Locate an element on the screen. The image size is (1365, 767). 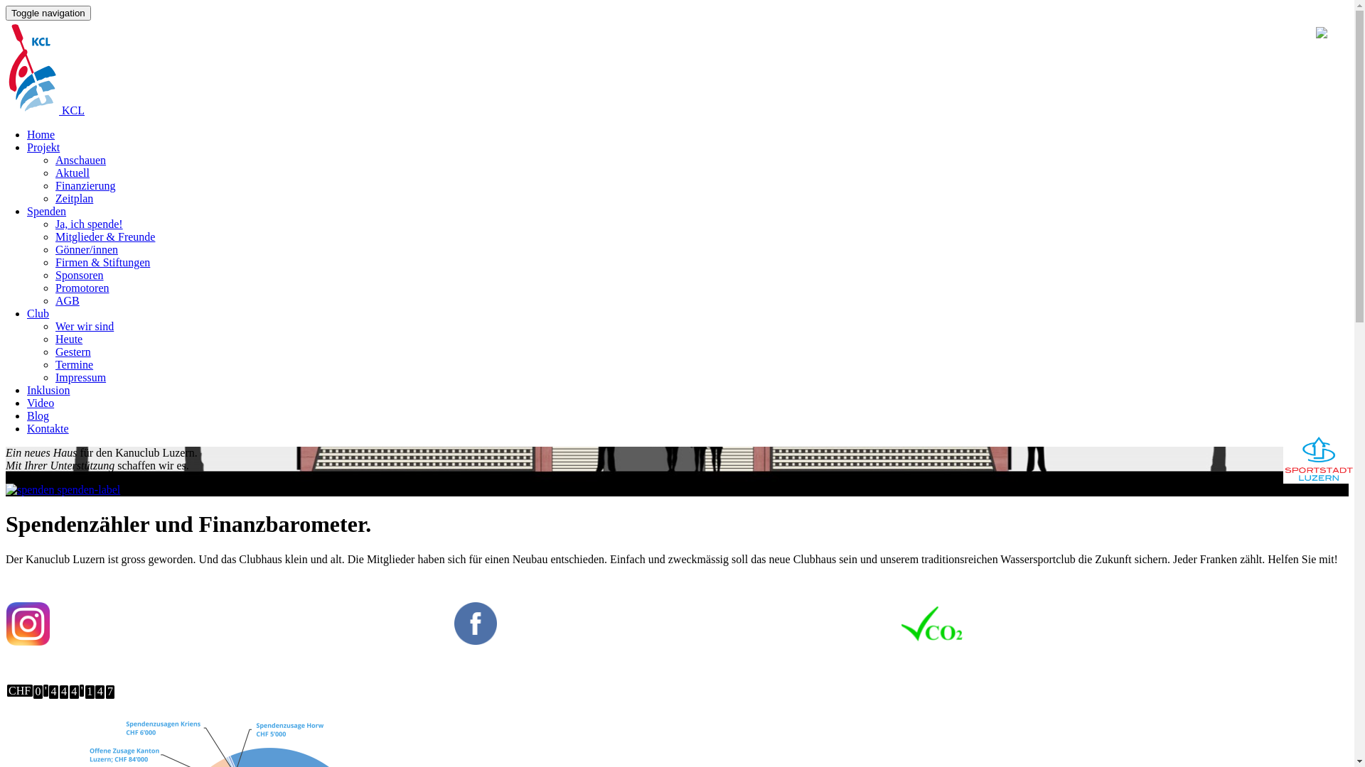
'Heute' is located at coordinates (55, 339).